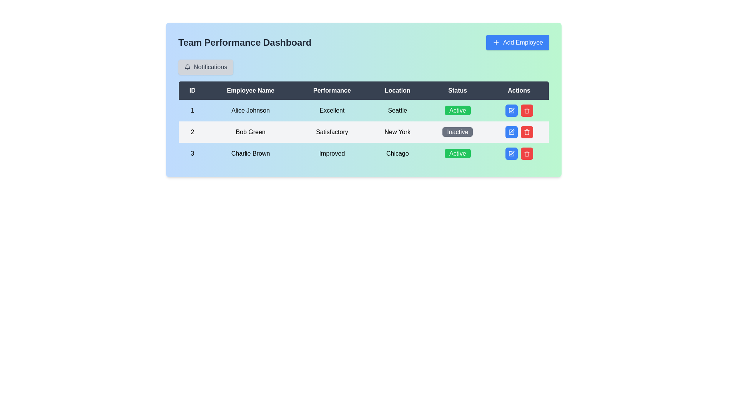 This screenshot has height=415, width=738. I want to click on the delete button located in the 'Actions' column of the second row in the data table, so click(526, 131).